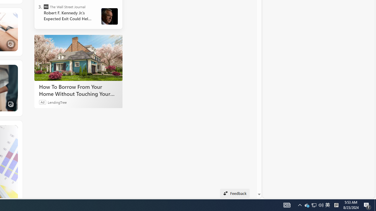 The width and height of the screenshot is (376, 211). I want to click on 'Ad', so click(42, 102).